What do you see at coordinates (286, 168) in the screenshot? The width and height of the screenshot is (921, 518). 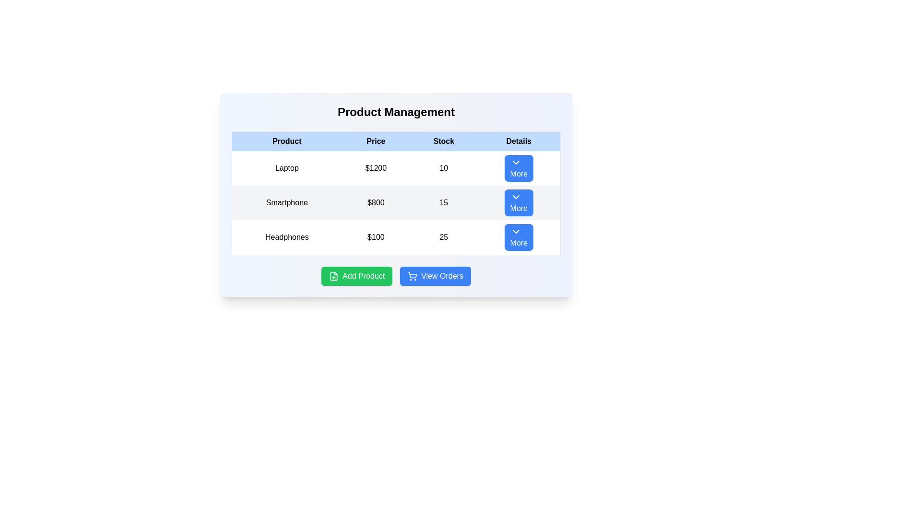 I see `the text label displaying 'Laptop', which is bold and centered in the 'Product' column of the table` at bounding box center [286, 168].